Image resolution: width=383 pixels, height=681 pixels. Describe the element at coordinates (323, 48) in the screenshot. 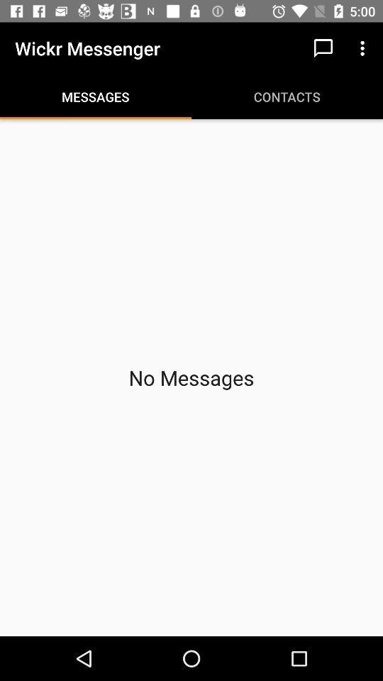

I see `the item to the right of the wickr messenger` at that location.